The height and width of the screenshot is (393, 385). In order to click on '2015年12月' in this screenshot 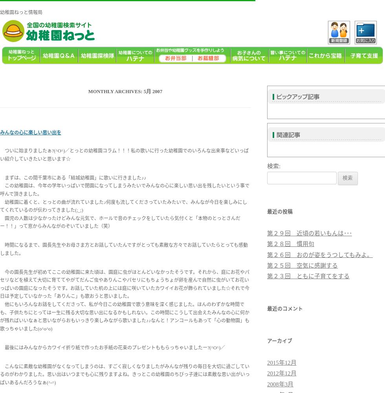, I will do `click(281, 362)`.